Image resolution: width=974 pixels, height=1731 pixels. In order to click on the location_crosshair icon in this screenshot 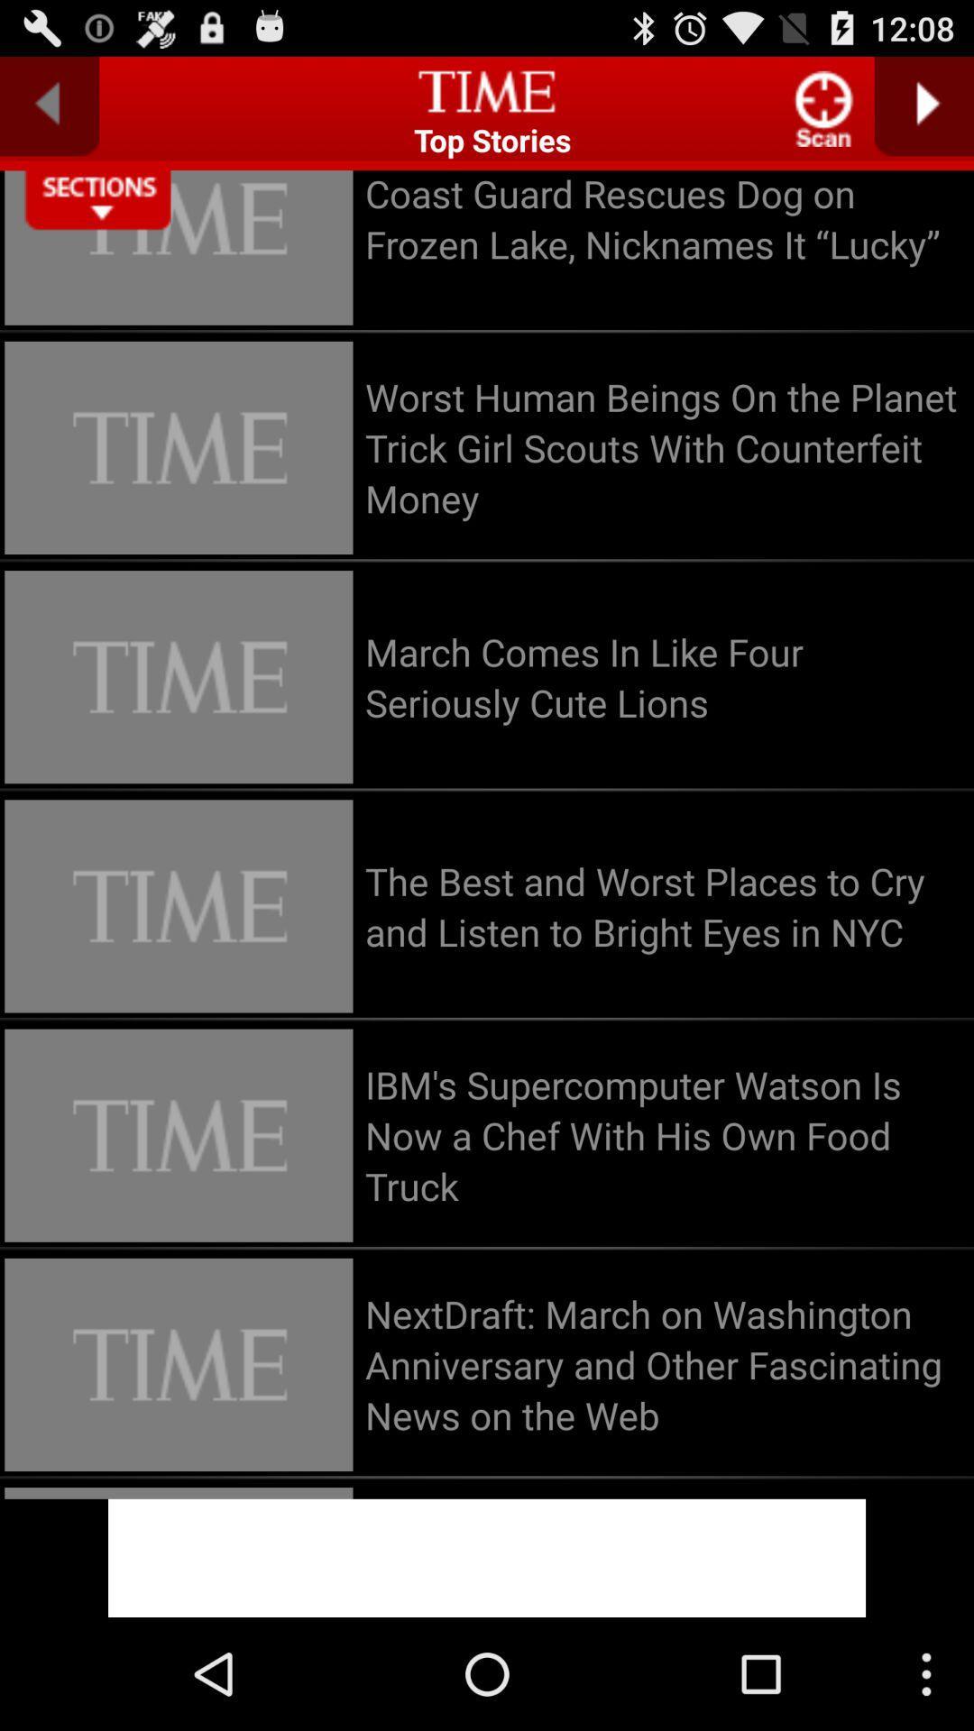, I will do `click(824, 115)`.